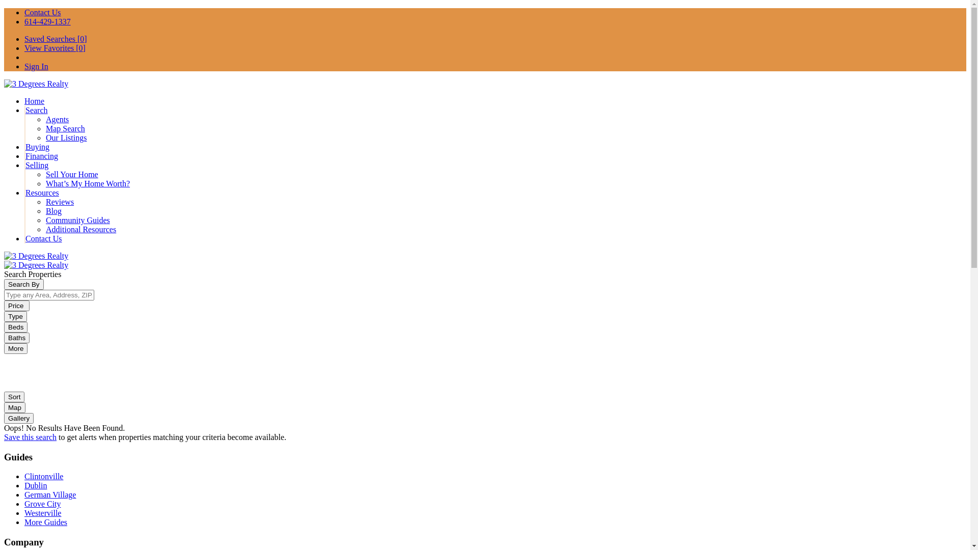  What do you see at coordinates (17, 338) in the screenshot?
I see `'Baths'` at bounding box center [17, 338].